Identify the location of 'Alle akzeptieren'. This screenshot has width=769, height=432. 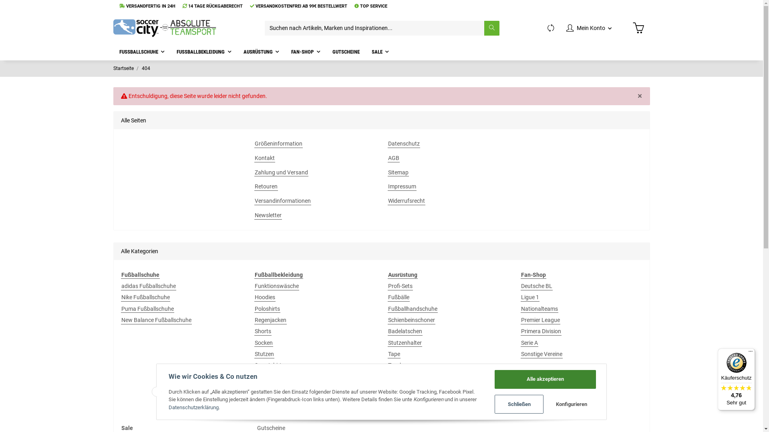
(545, 379).